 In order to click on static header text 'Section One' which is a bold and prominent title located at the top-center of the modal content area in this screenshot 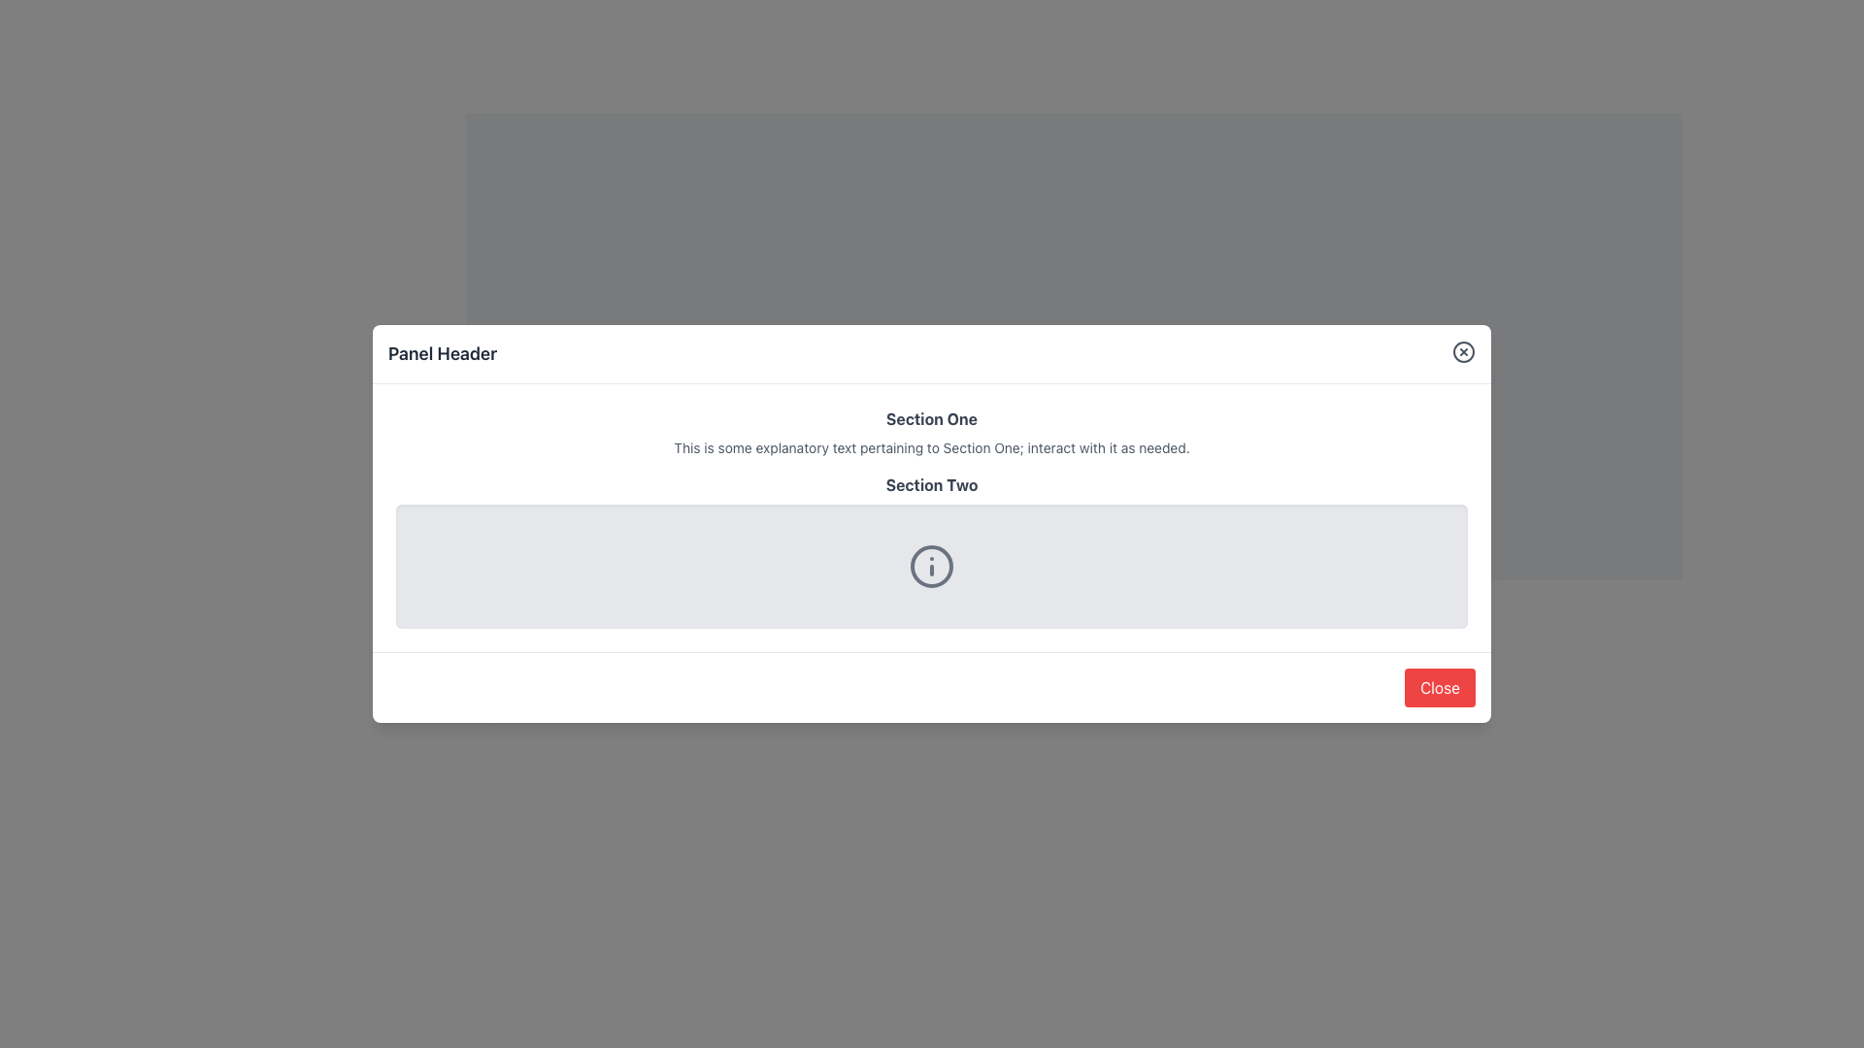, I will do `click(932, 418)`.